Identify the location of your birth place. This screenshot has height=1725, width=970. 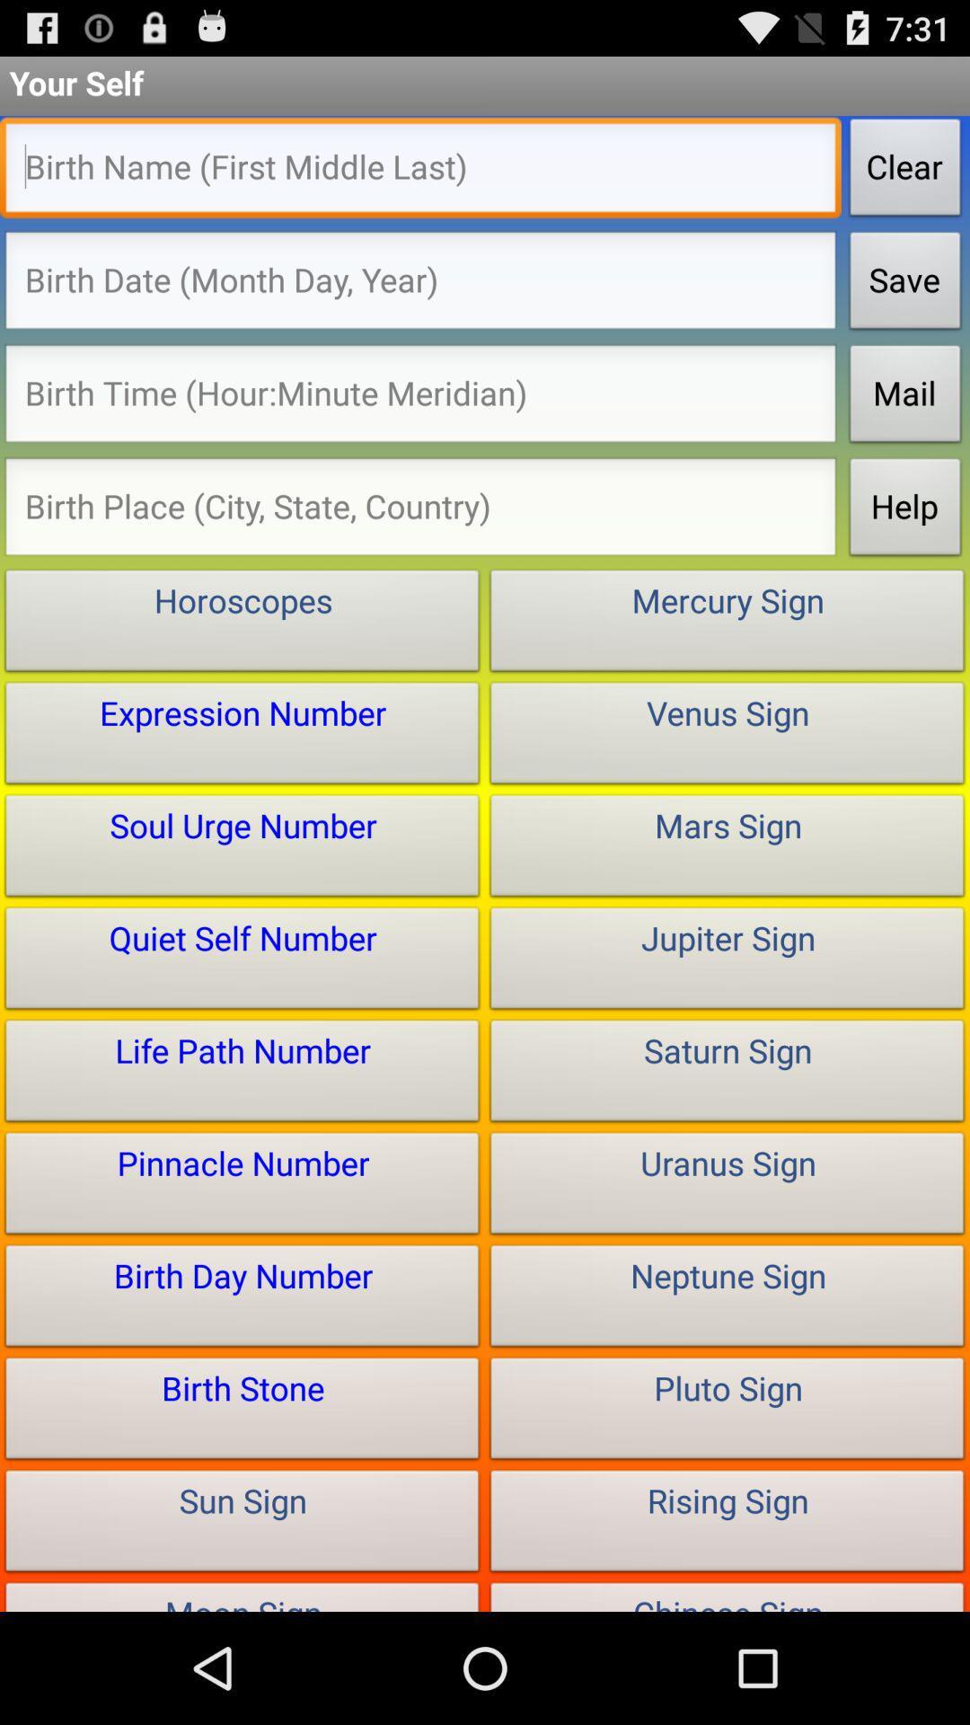
(420, 511).